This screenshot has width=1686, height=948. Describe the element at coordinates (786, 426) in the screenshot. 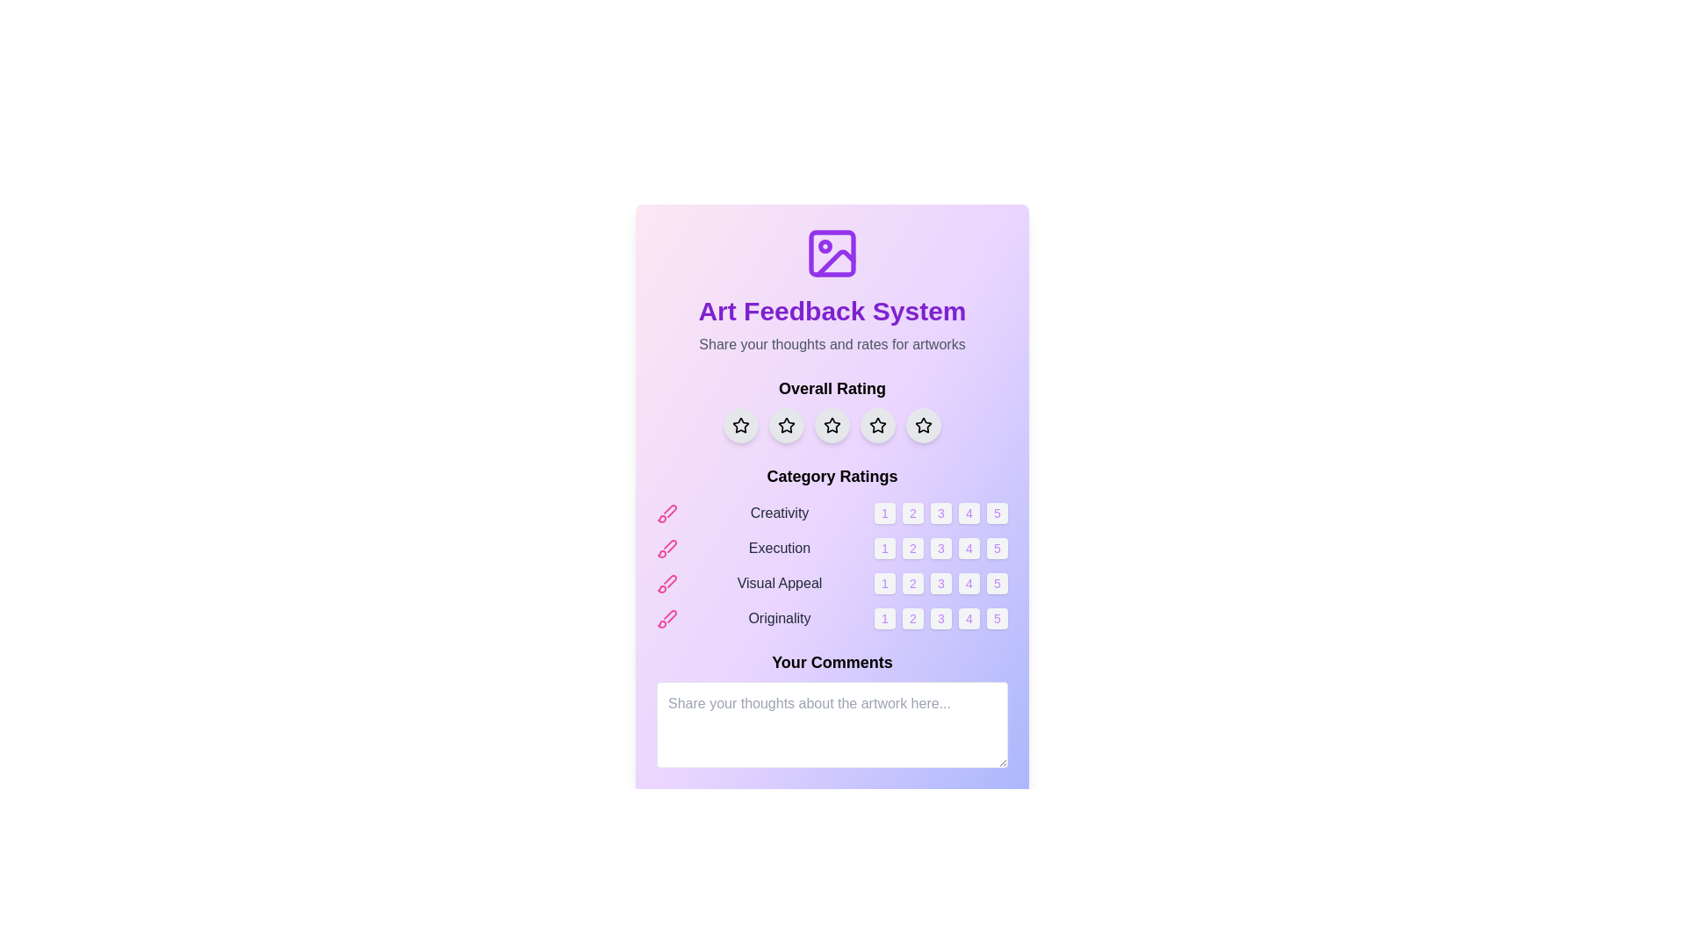

I see `the second circular button with a gray background and a black outlined star icon under the 'Overall Rating' heading to set a rating` at that location.